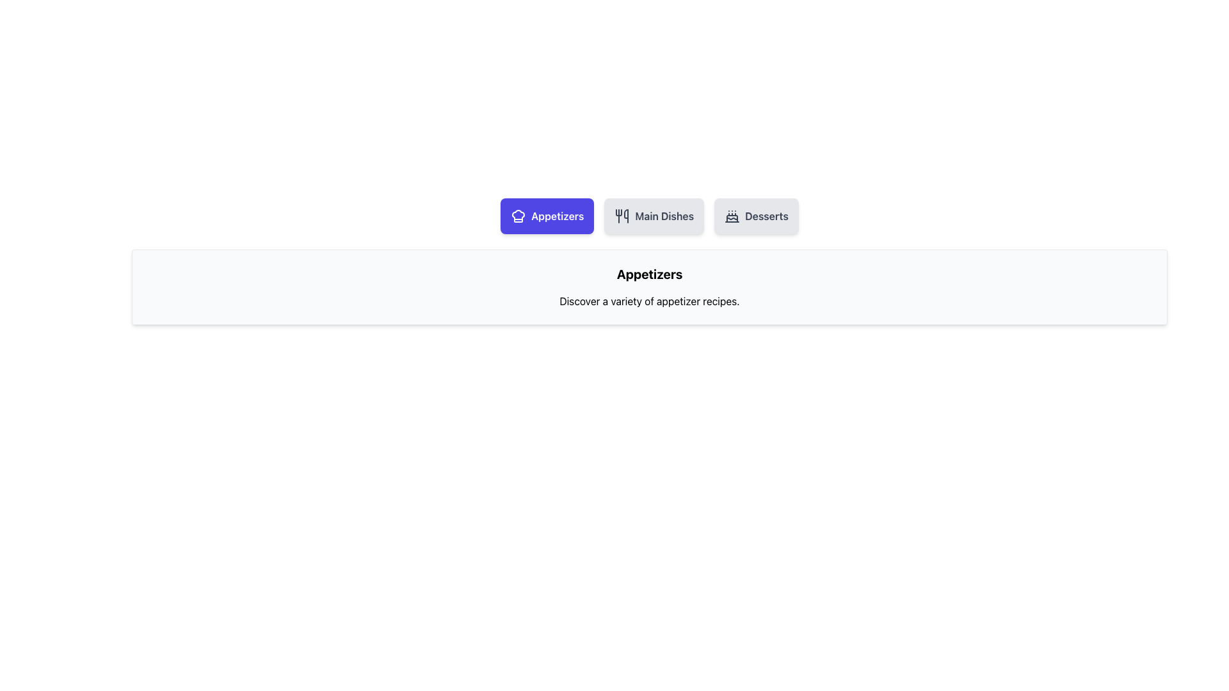 The height and width of the screenshot is (691, 1229). I want to click on the navigation button that switches to 'Main Dishes' content, located between 'Appetizers' and 'Desserts', so click(654, 216).